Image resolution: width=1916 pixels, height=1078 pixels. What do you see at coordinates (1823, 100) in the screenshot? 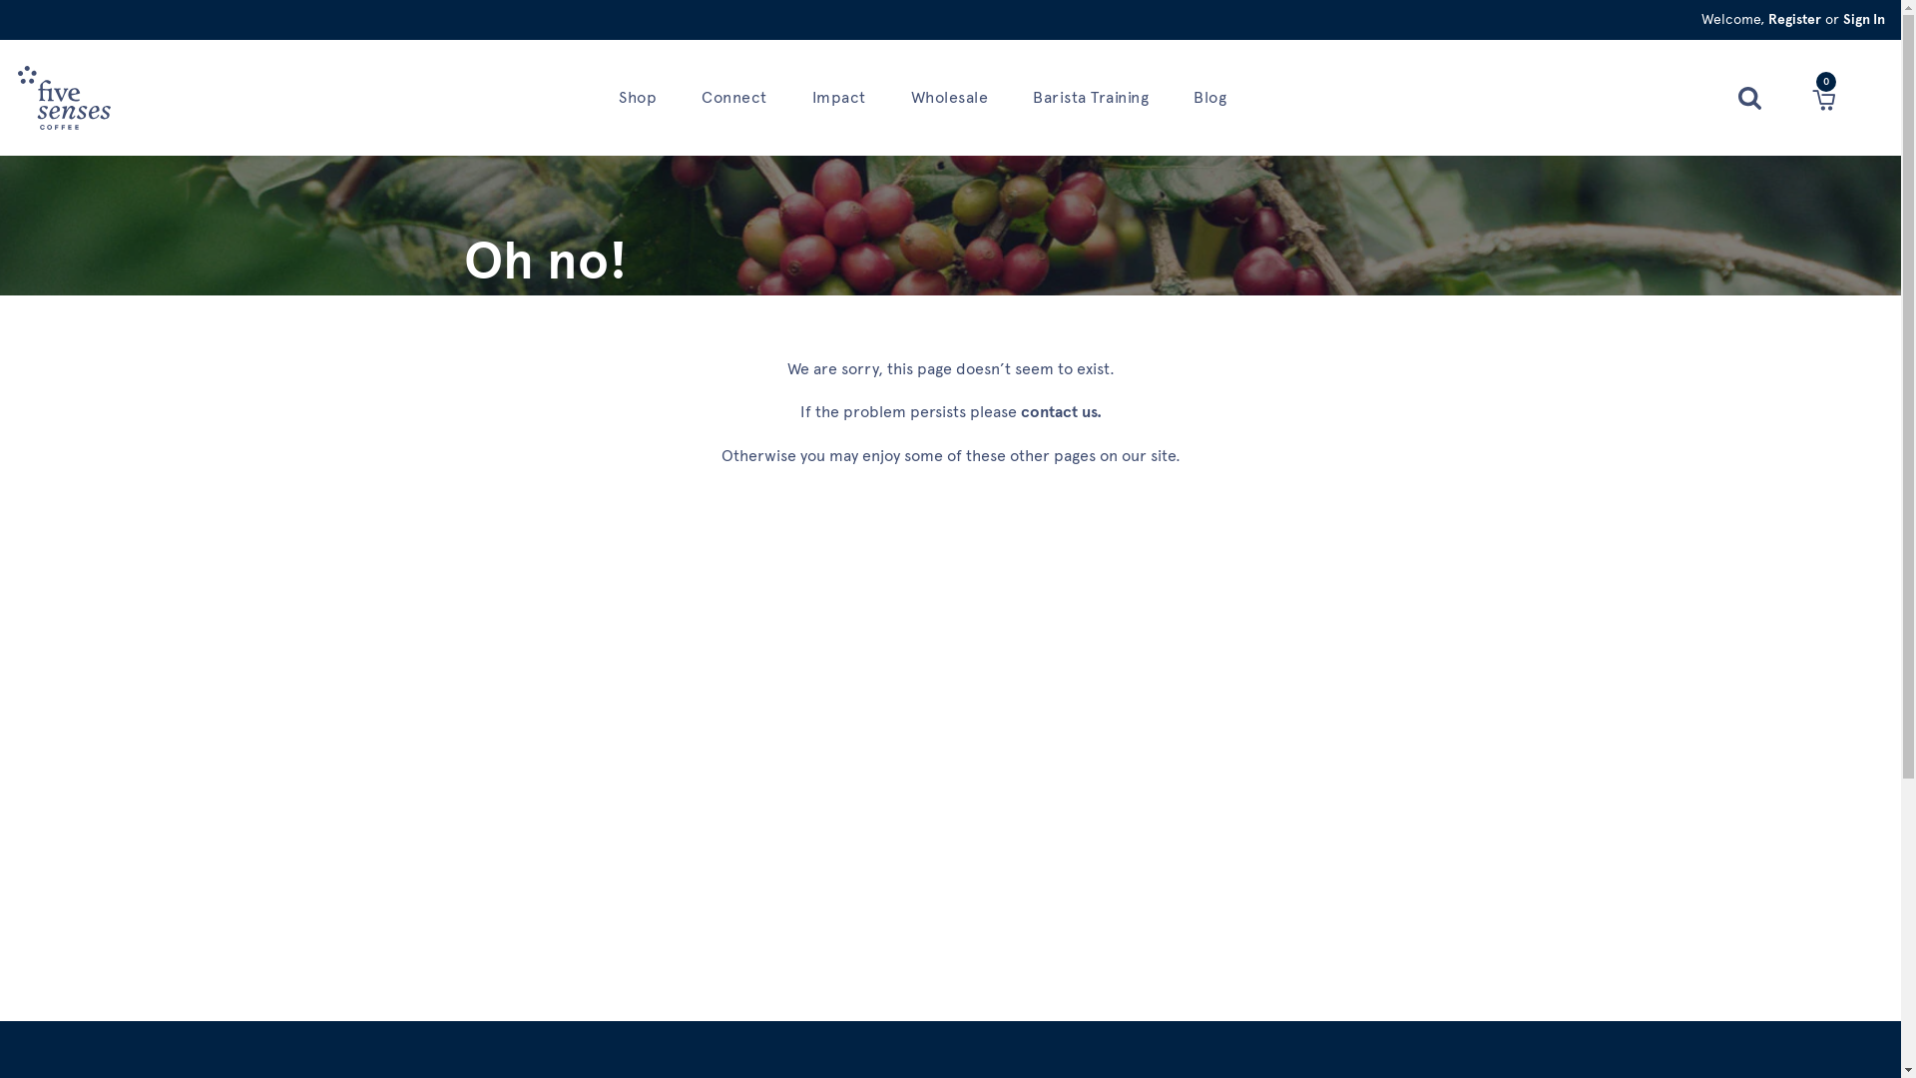
I see `'Cart` at bounding box center [1823, 100].